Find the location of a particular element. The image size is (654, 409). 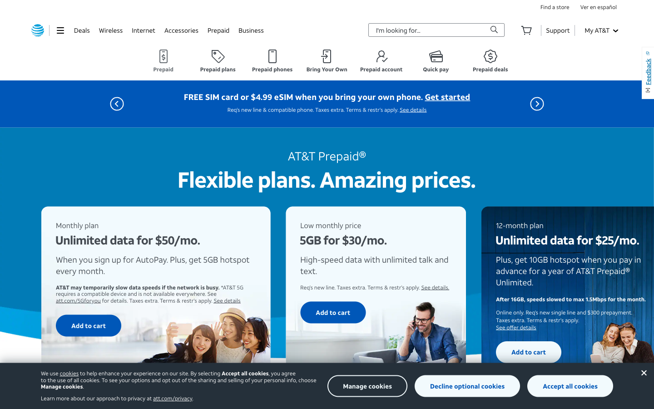

View deals is located at coordinates (81, 30).